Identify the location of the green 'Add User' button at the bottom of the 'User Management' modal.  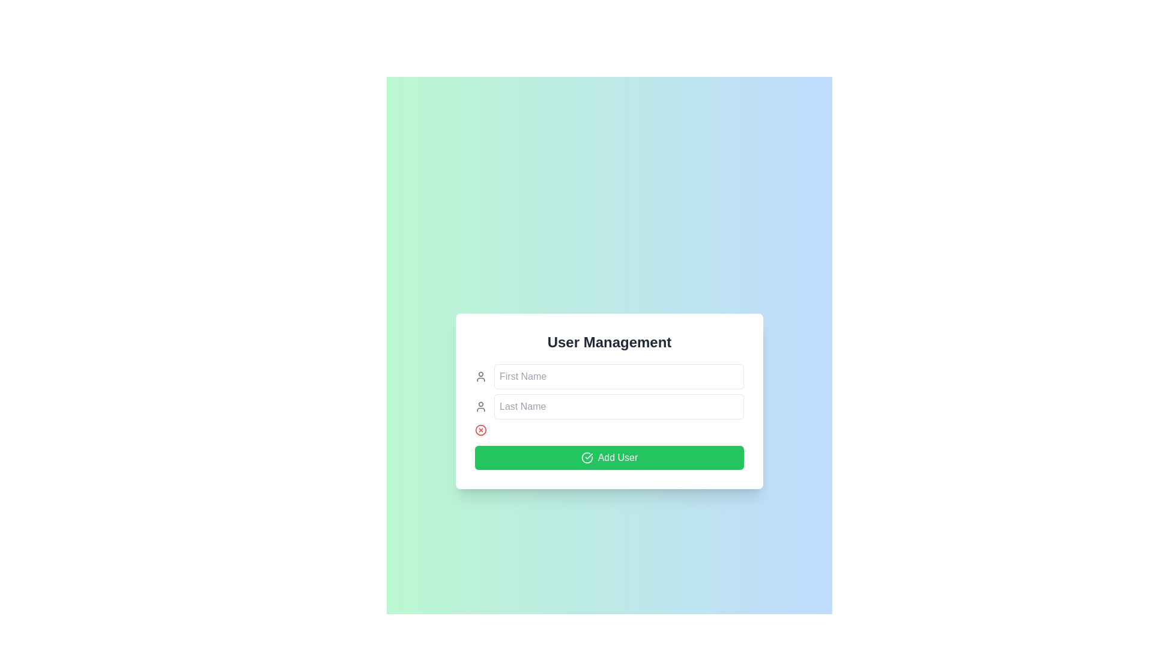
(609, 458).